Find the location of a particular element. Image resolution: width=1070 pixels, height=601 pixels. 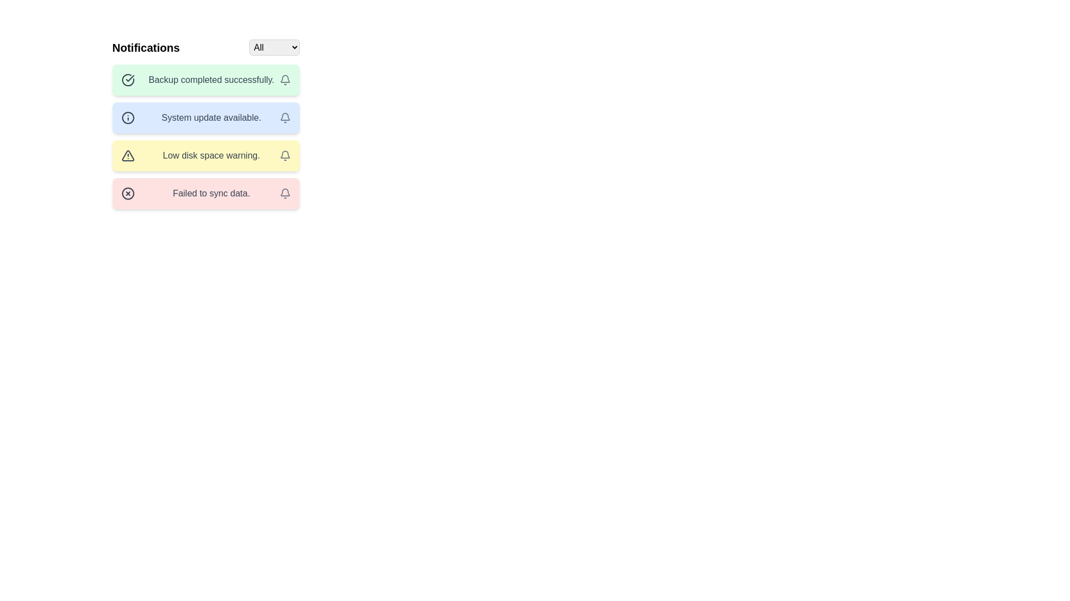

the backup completed icon located on the left side of the notification labeled 'Backup completed successfully.' is located at coordinates (128, 79).